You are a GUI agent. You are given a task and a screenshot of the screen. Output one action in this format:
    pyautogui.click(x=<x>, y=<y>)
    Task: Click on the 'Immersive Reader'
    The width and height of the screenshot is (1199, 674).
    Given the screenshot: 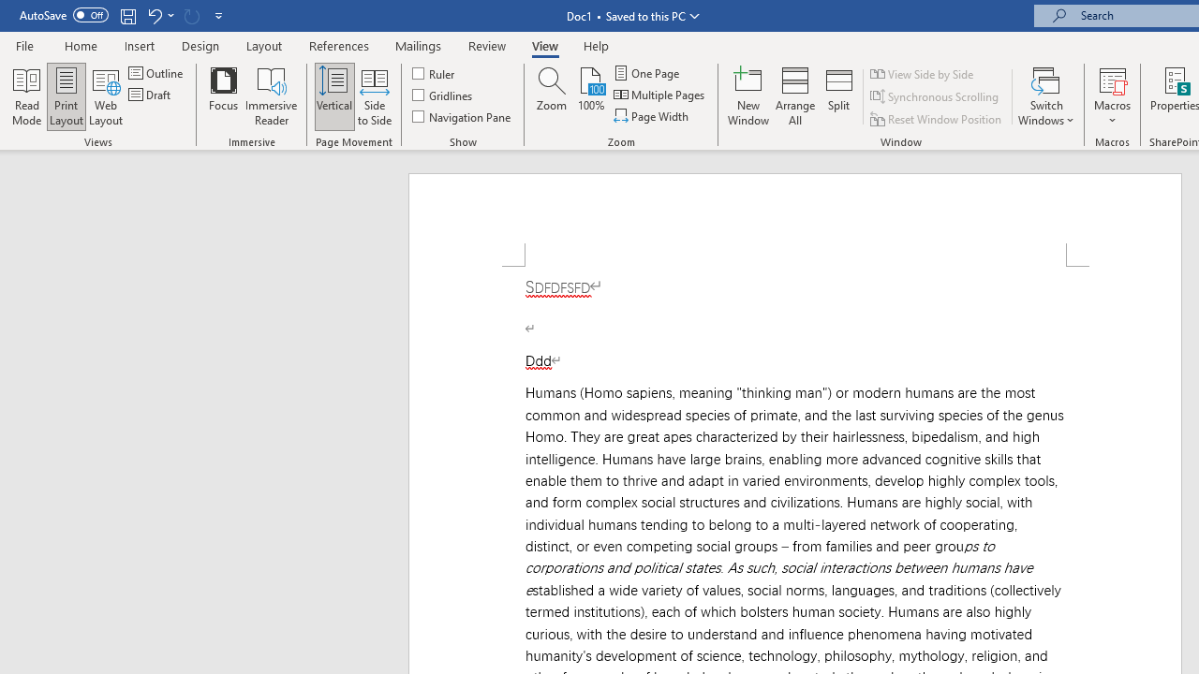 What is the action you would take?
    pyautogui.click(x=270, y=96)
    